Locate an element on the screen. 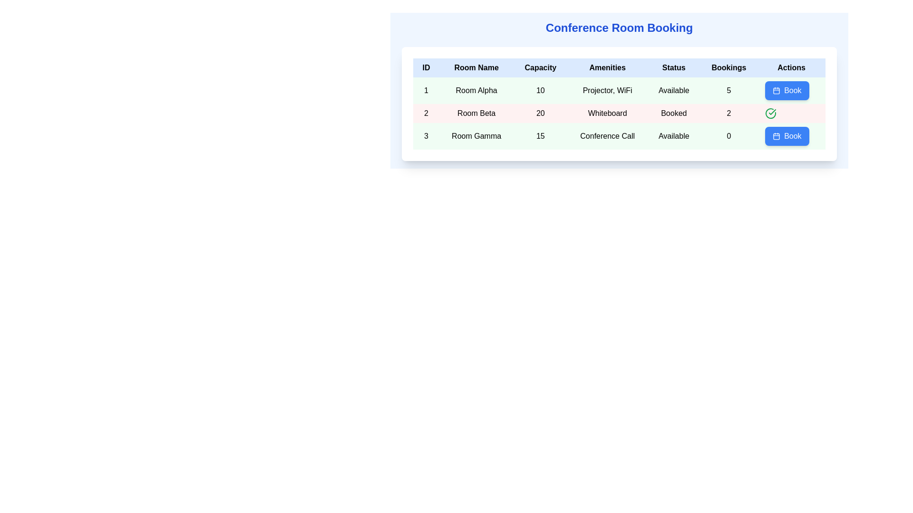 This screenshot has height=513, width=913. the interactive elements in the second row of the conference room details table, which includes attributes for Room Beta such as capacity, amenities, and status is located at coordinates (619, 113).